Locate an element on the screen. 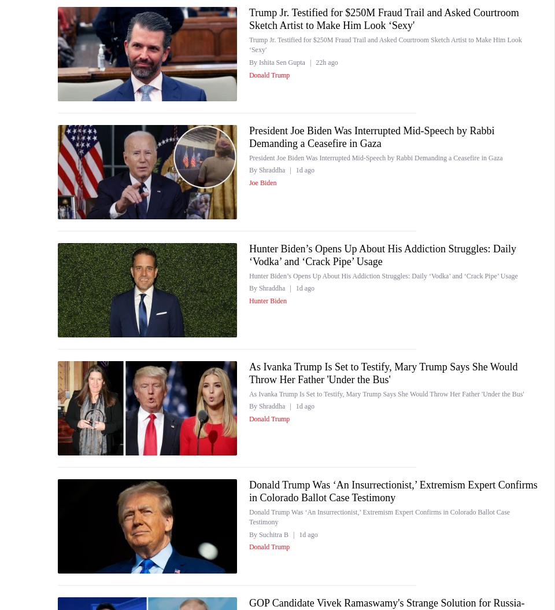  'By Suchitra B' is located at coordinates (269, 533).